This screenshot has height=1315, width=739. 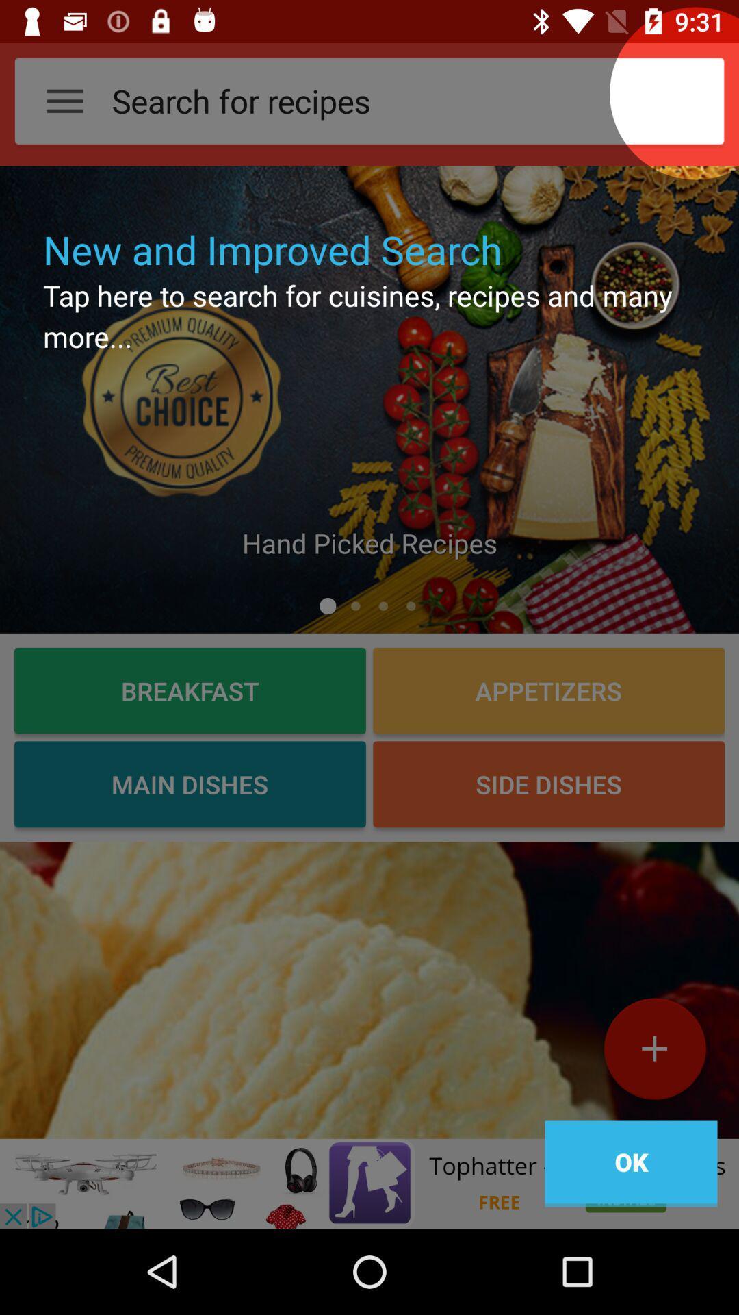 What do you see at coordinates (65, 100) in the screenshot?
I see `the button on the top left corner on the web page` at bounding box center [65, 100].